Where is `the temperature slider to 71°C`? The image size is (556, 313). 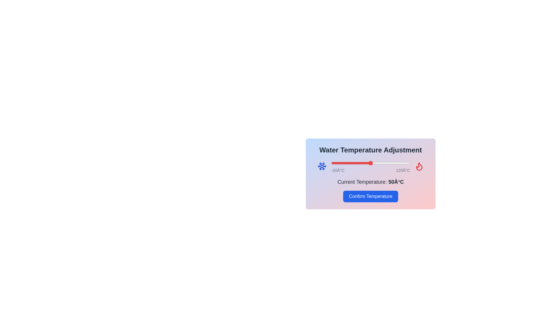
the temperature slider to 71°C is located at coordinates (382, 163).